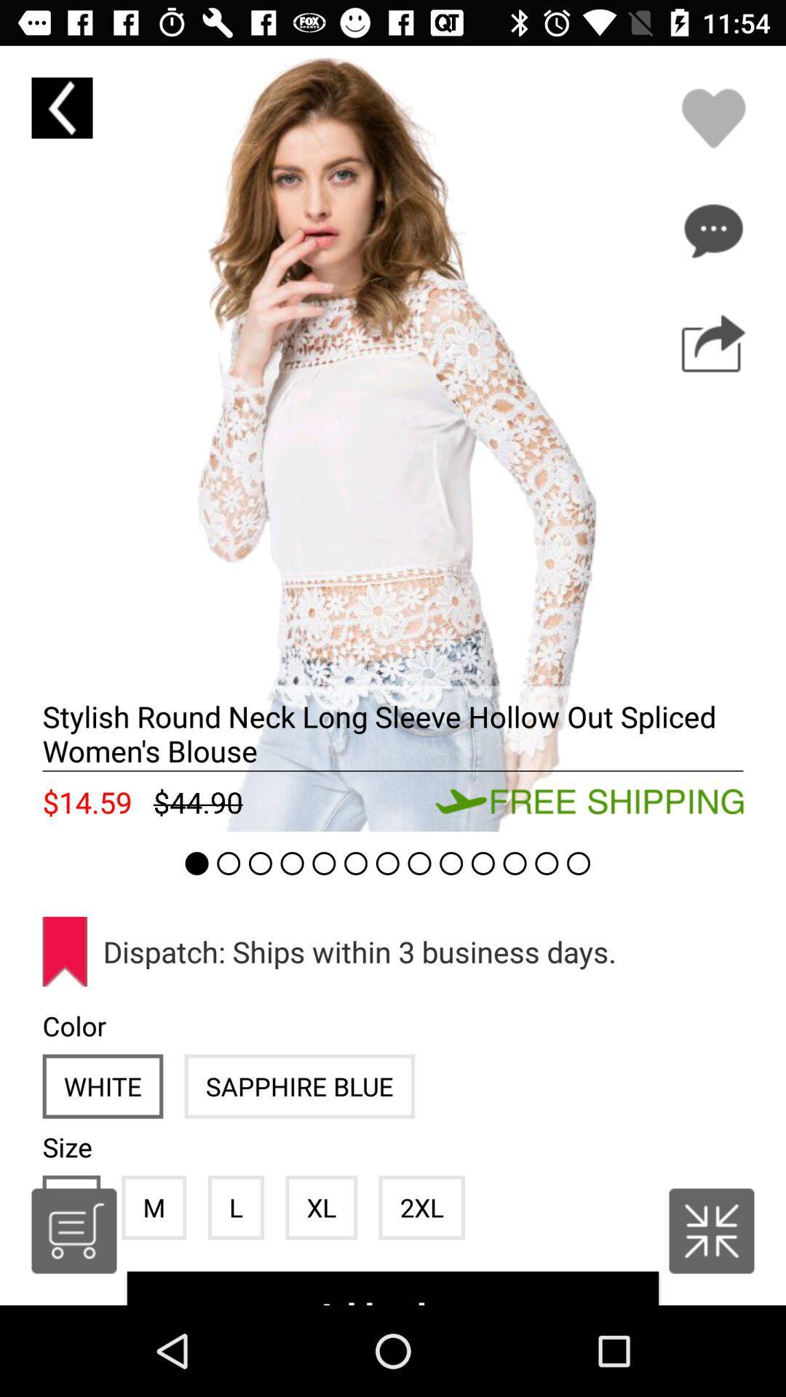  Describe the element at coordinates (711, 1230) in the screenshot. I see `the national_flag icon` at that location.